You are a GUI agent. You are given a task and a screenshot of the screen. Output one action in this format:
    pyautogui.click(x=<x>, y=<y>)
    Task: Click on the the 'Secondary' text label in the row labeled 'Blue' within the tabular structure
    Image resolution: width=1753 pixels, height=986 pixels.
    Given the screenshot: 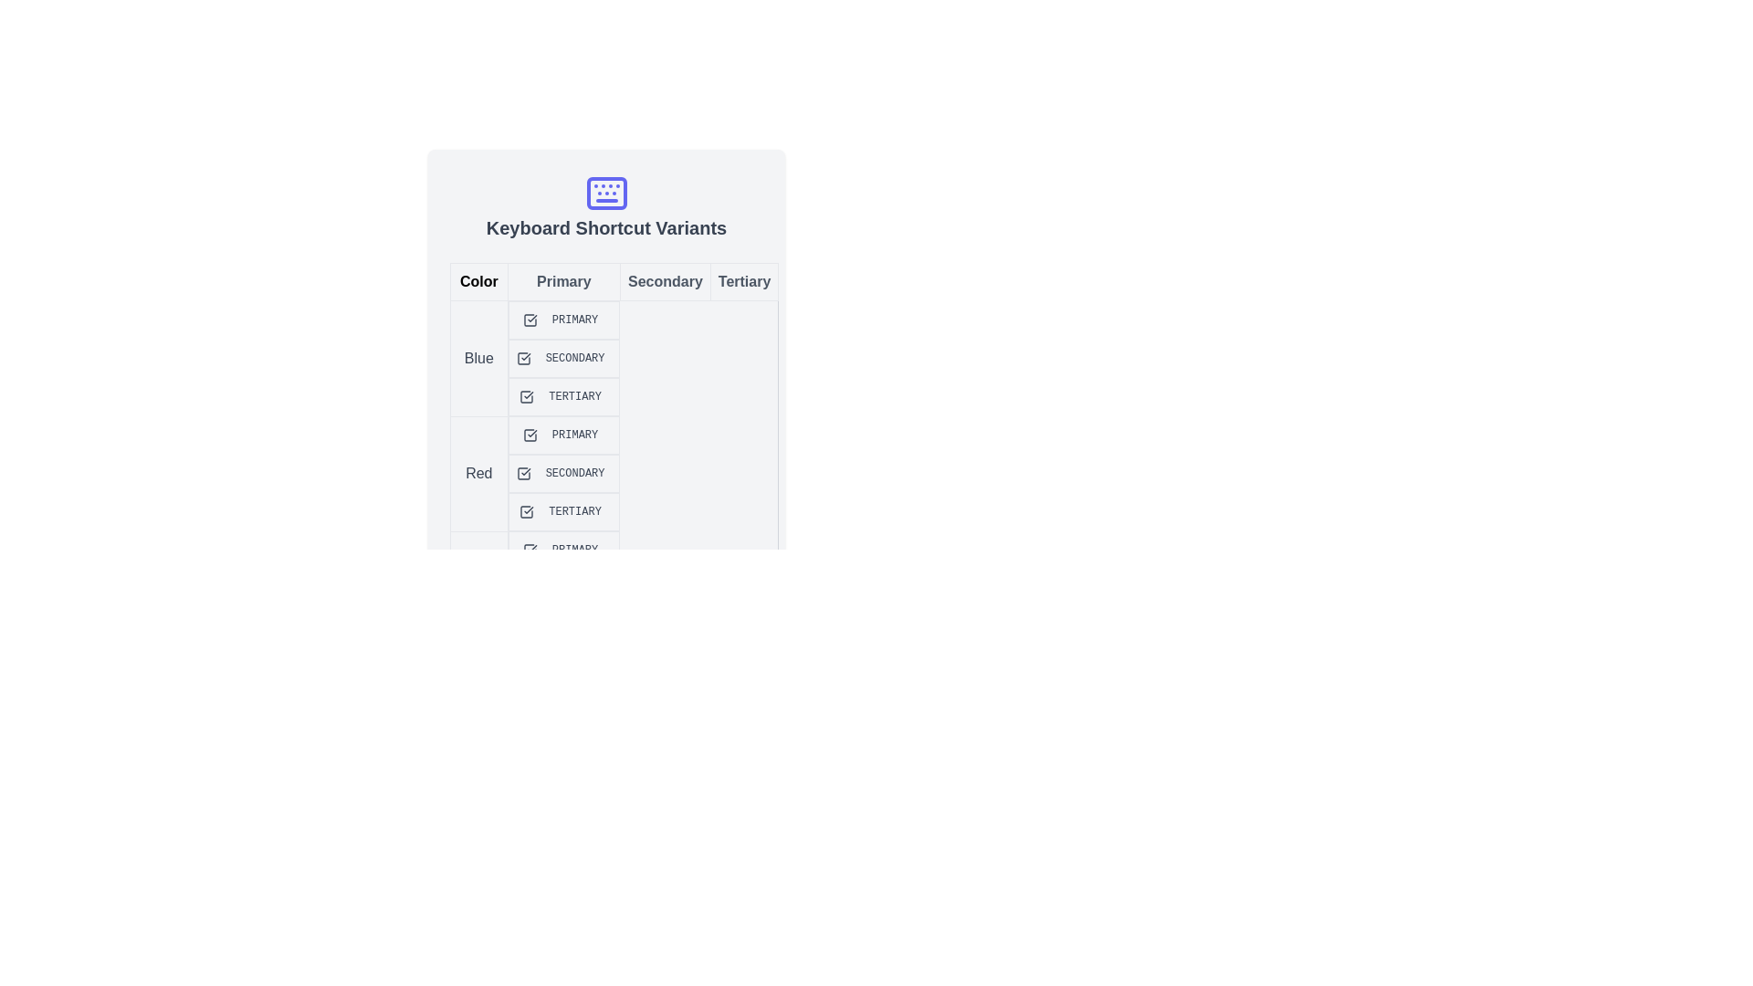 What is the action you would take?
    pyautogui.click(x=574, y=359)
    